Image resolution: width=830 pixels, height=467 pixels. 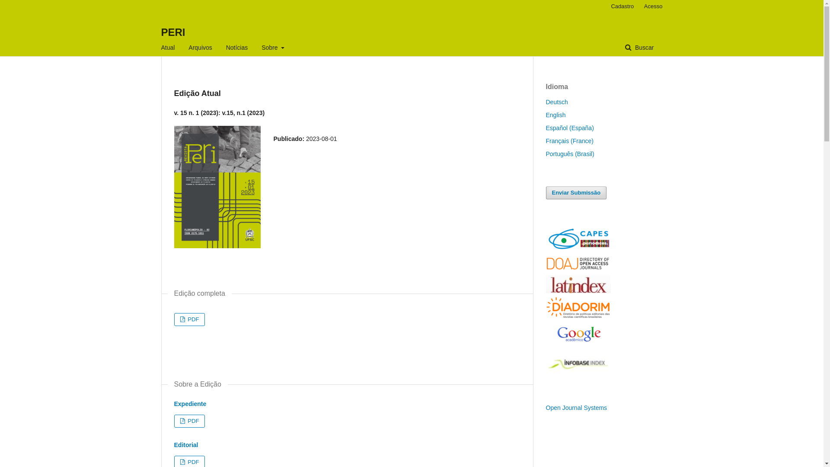 What do you see at coordinates (556, 101) in the screenshot?
I see `'Deutsch'` at bounding box center [556, 101].